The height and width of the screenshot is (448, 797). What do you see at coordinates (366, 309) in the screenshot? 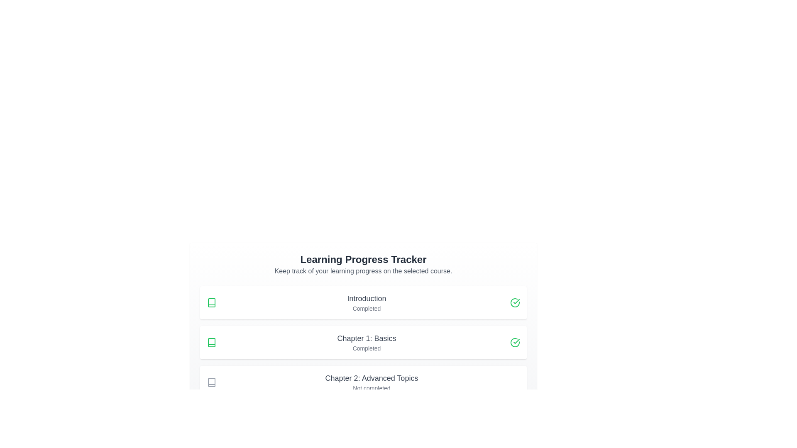
I see `the status label indicating 'Completed' for the 'Introduction' section in the 'Learning Progress Tracker' interface` at bounding box center [366, 309].